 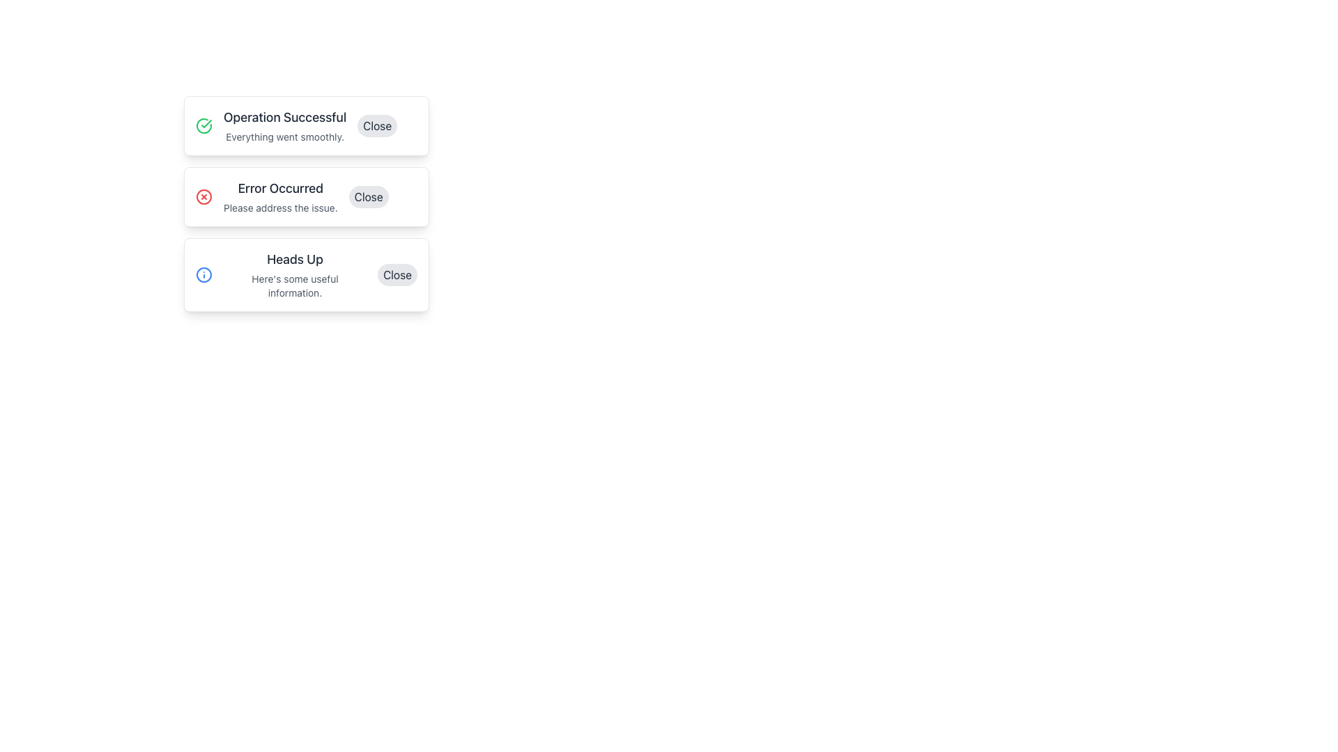 I want to click on the error icon located inside the 'Error Occurred' notification box, positioned to the left of the title 'Error Occurred', so click(x=203, y=196).